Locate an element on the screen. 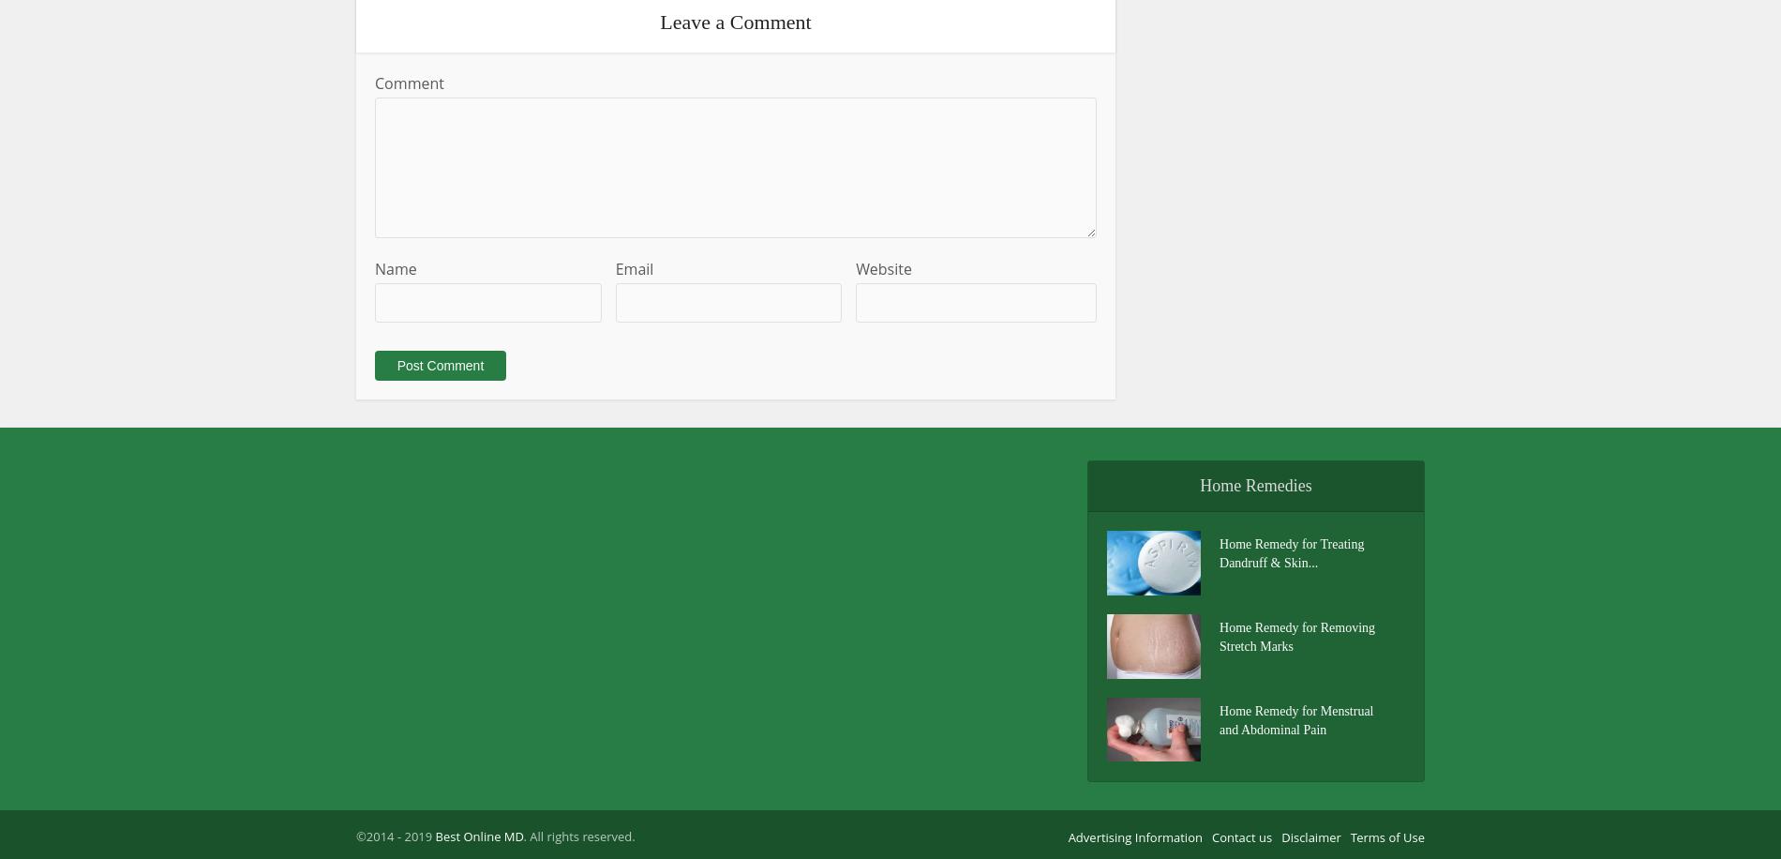  'Leave a Comment' is located at coordinates (659, 21).